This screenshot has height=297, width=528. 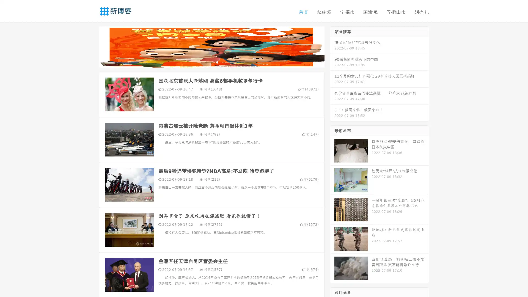 What do you see at coordinates (91, 46) in the screenshot?
I see `Previous slide` at bounding box center [91, 46].